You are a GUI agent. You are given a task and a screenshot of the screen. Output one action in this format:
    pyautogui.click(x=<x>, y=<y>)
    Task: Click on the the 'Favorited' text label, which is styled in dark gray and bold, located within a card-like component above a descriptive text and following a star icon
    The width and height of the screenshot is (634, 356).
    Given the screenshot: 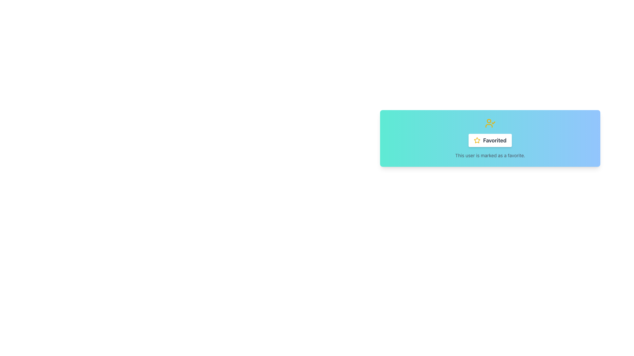 What is the action you would take?
    pyautogui.click(x=495, y=140)
    